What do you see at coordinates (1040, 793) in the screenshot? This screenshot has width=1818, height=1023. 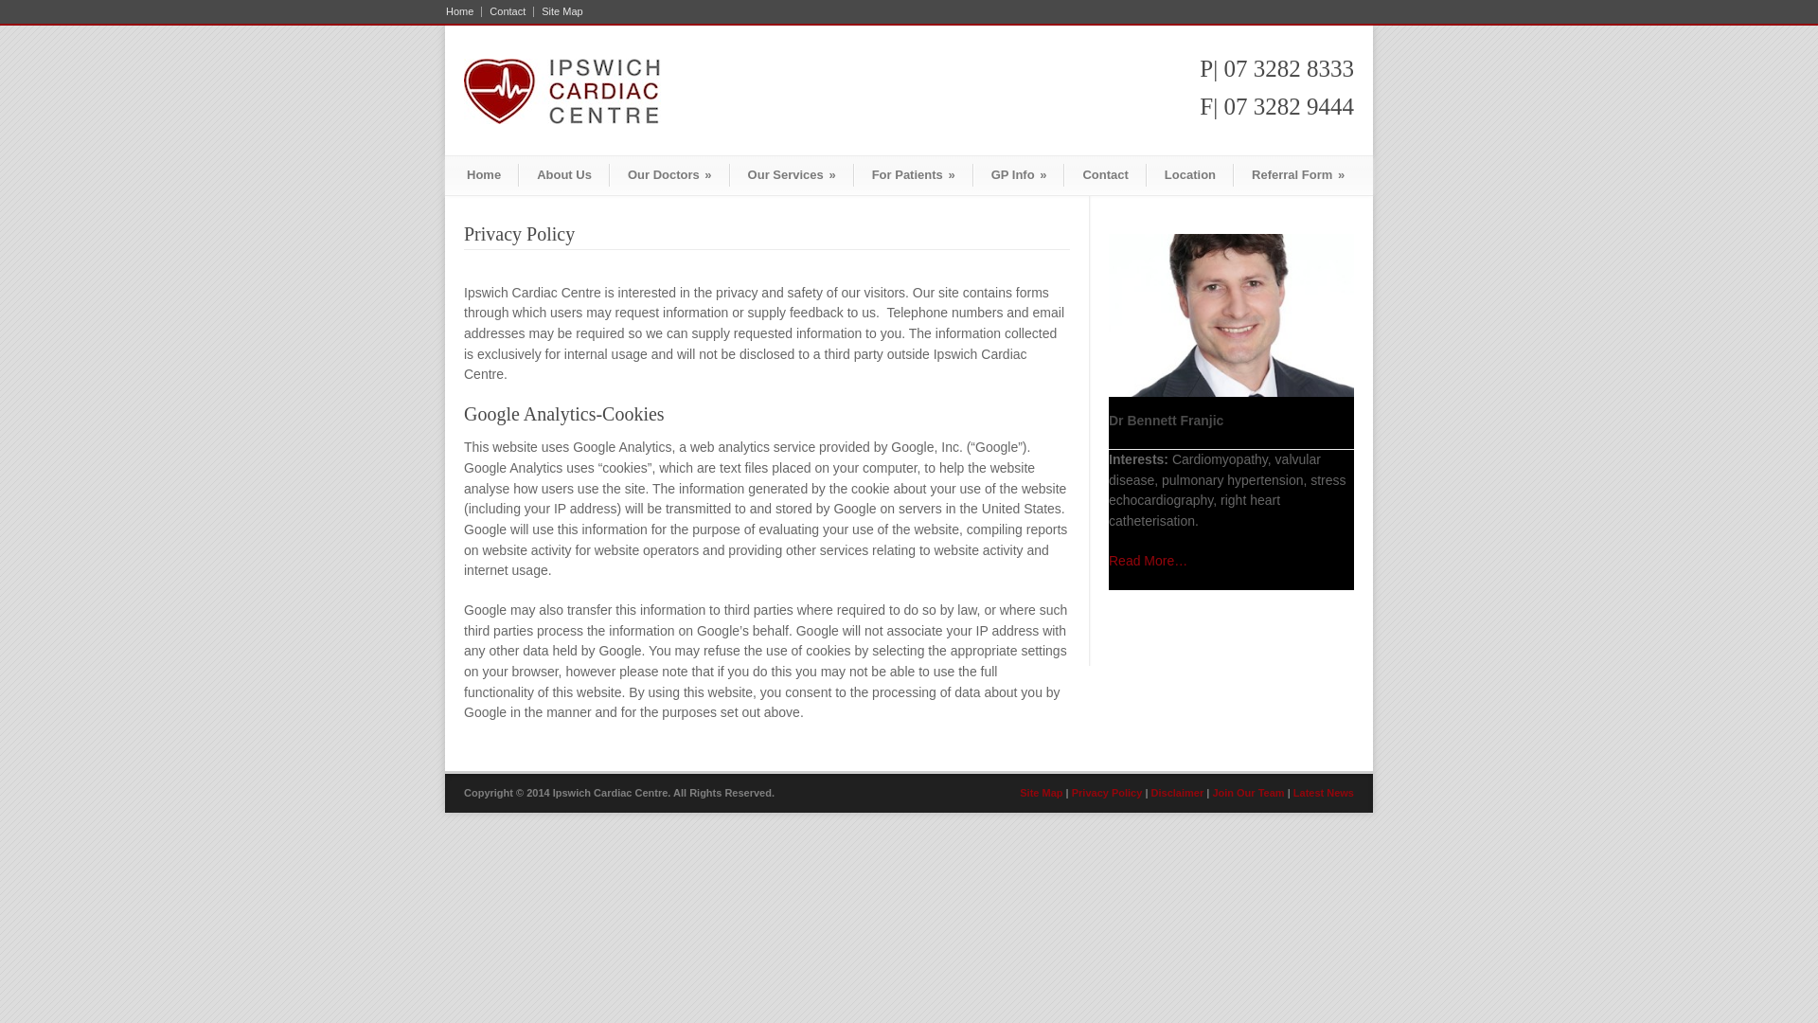 I see `'Site Map'` at bounding box center [1040, 793].